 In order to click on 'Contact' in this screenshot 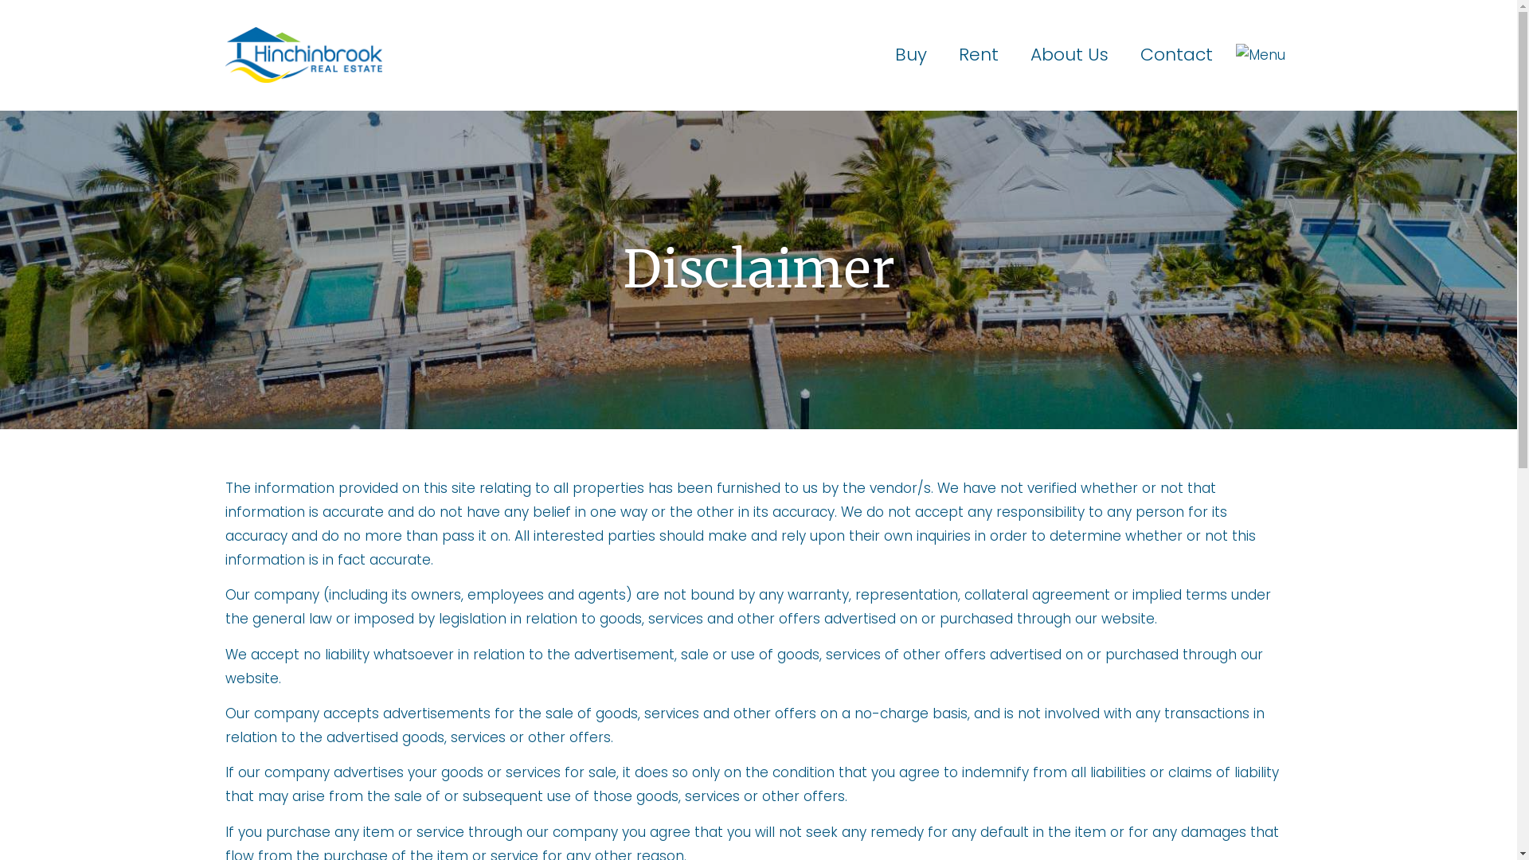, I will do `click(1176, 54)`.